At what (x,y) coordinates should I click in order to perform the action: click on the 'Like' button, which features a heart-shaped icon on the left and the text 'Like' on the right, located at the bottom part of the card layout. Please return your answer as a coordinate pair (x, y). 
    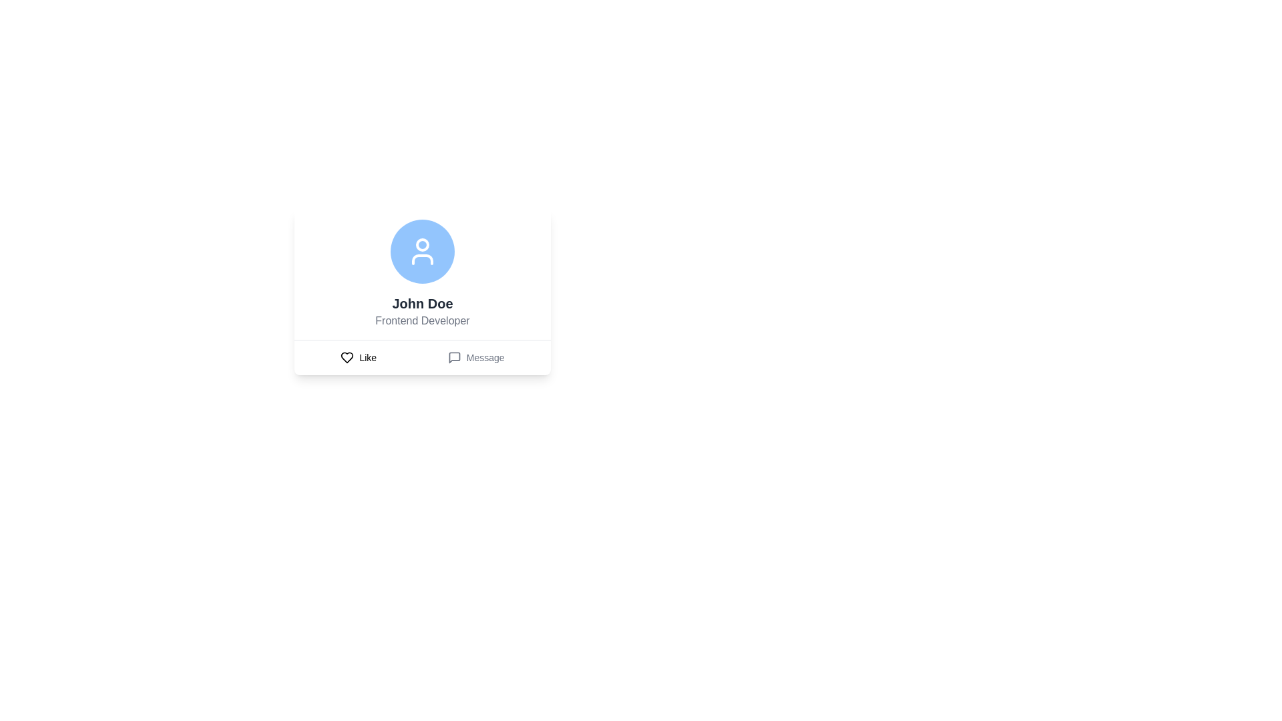
    Looking at the image, I should click on (359, 357).